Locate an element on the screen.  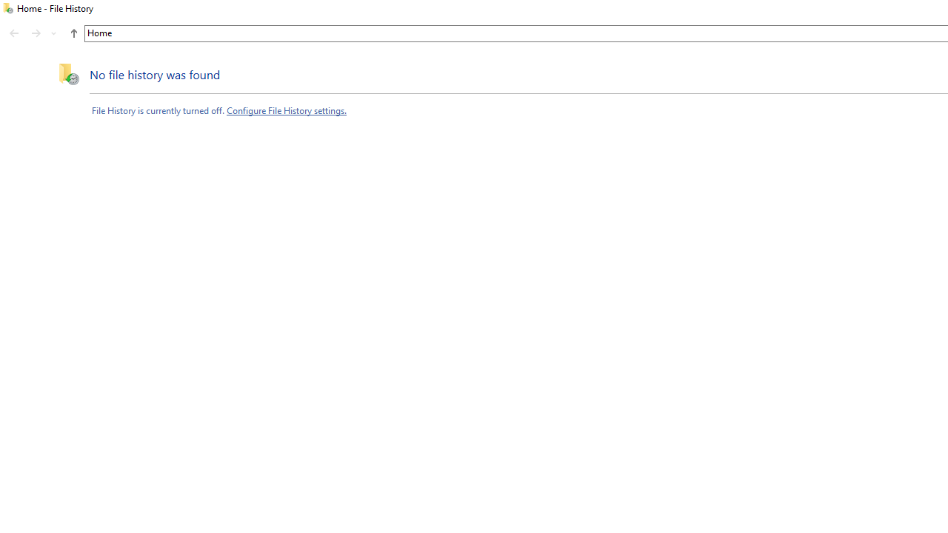
'Recent locations' is located at coordinates (53, 33).